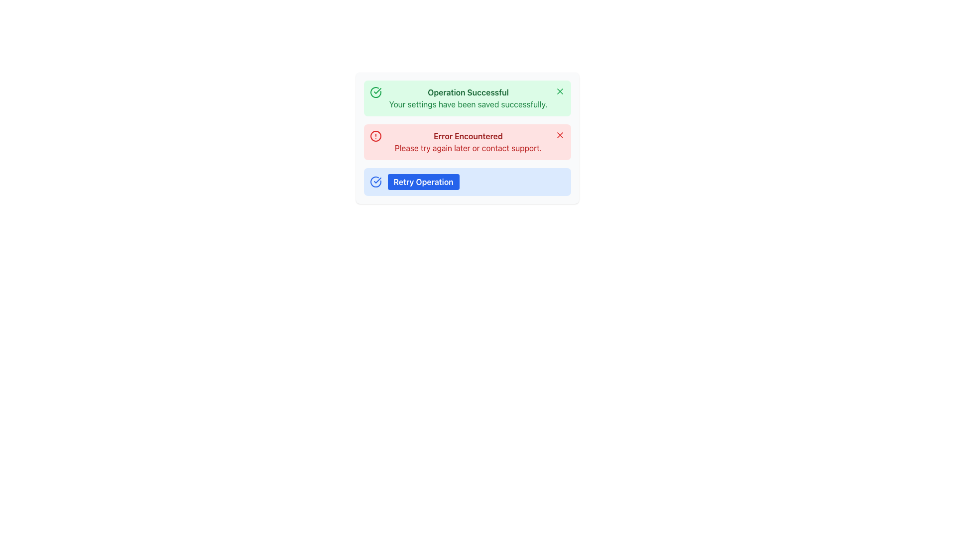  What do you see at coordinates (560, 135) in the screenshot?
I see `the small red 'X' icon located near the right side of the 'Error Encountered' text` at bounding box center [560, 135].